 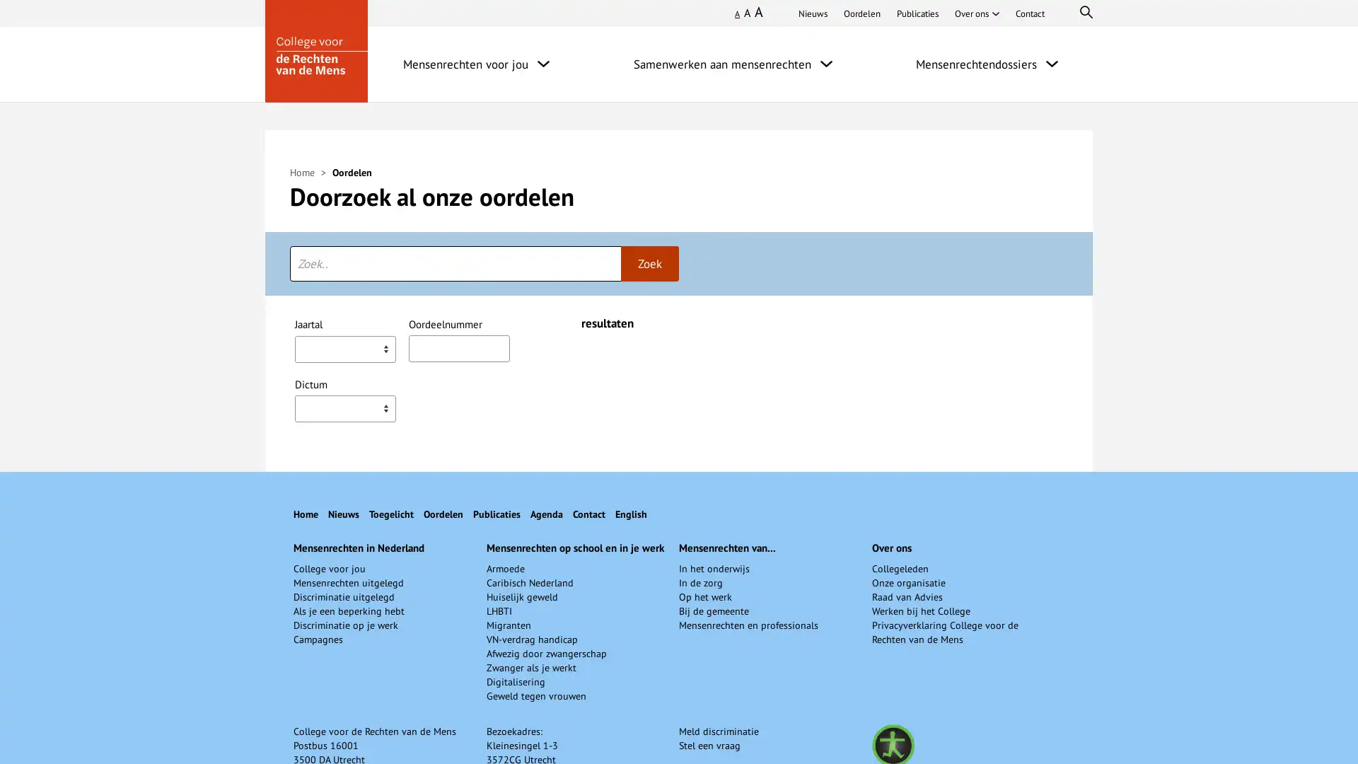 What do you see at coordinates (606, 740) in the screenshot?
I see `Sollicitatie` at bounding box center [606, 740].